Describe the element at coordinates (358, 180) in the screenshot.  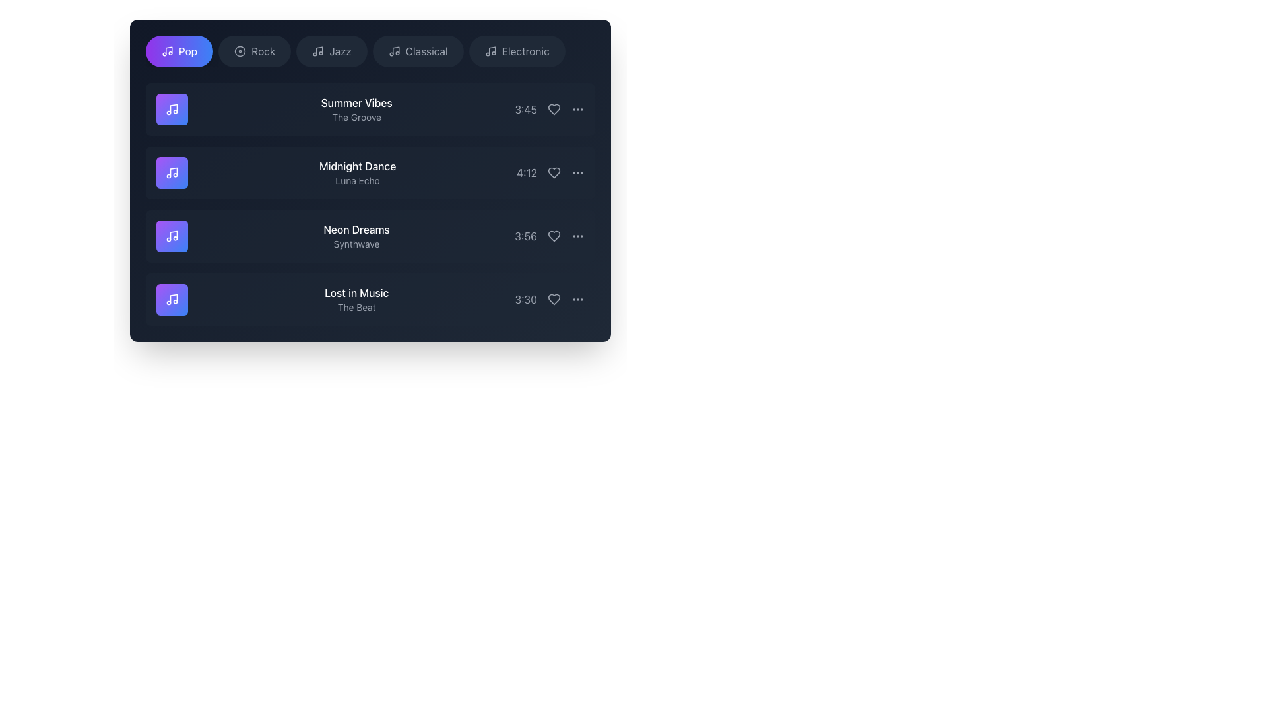
I see `the text label 'Luna Echo' that provides additional context for the song title 'Midnight Dance', located just below the title in the song listing` at that location.